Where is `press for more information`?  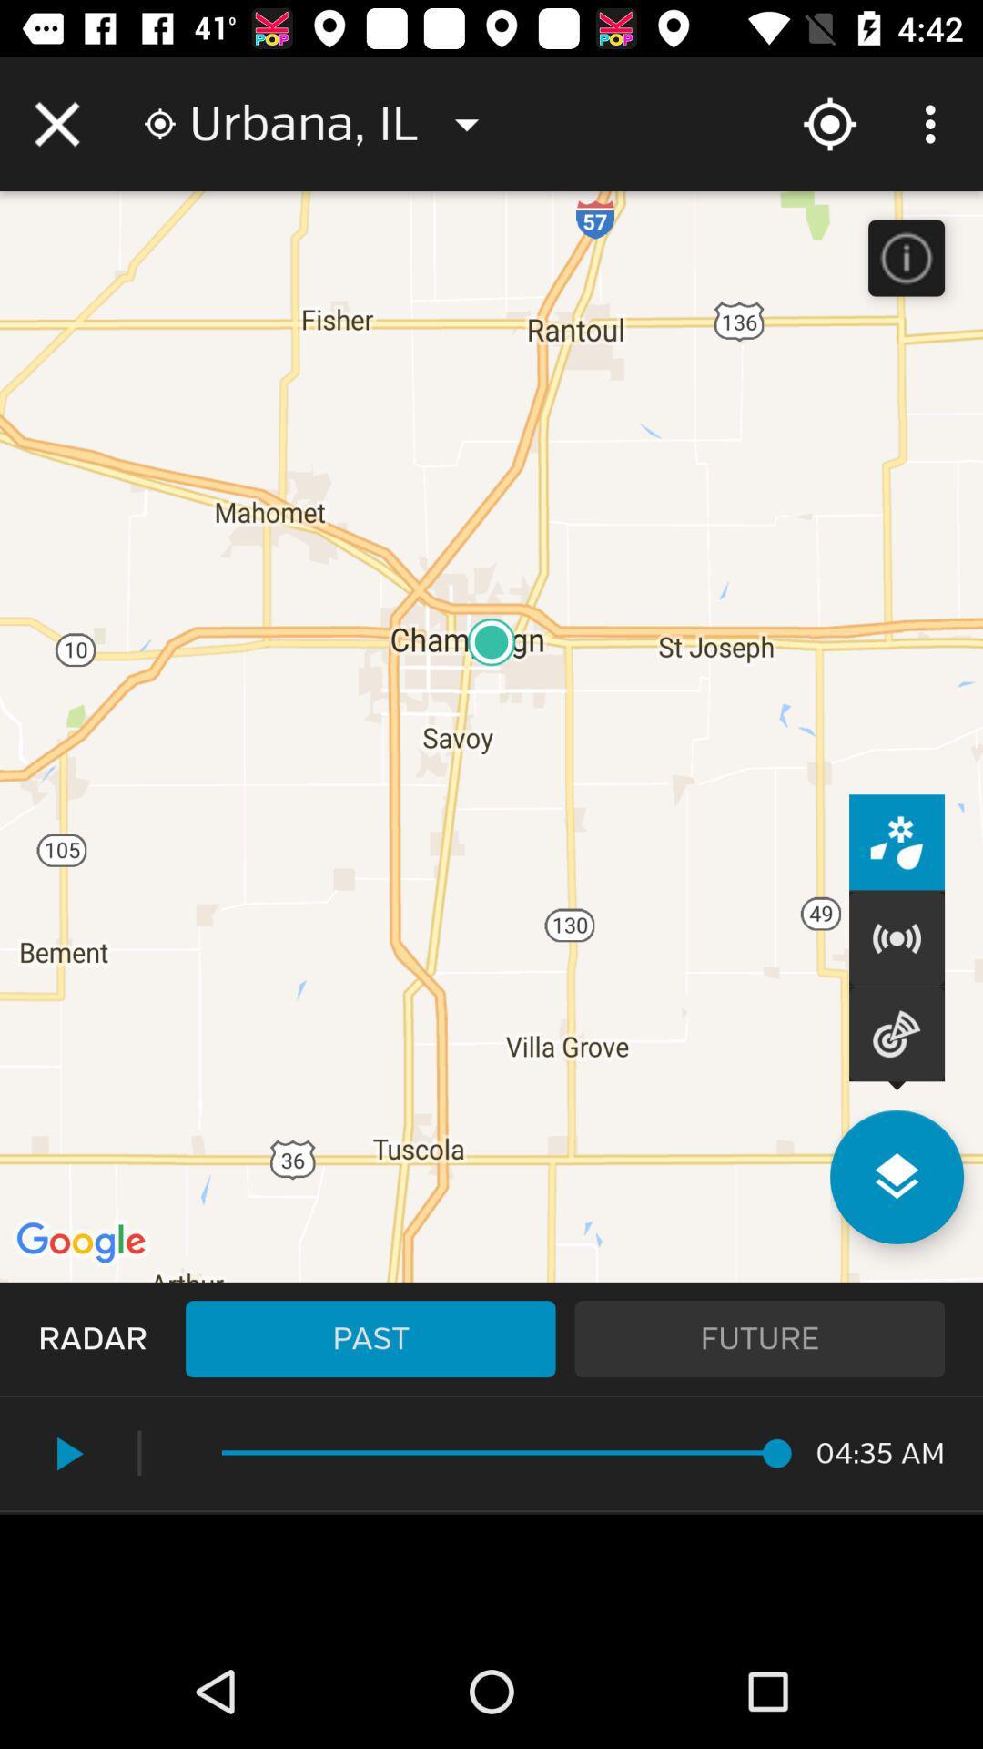
press for more information is located at coordinates (906, 257).